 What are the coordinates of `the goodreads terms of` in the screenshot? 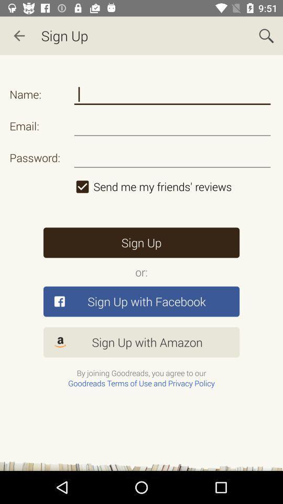 It's located at (141, 383).